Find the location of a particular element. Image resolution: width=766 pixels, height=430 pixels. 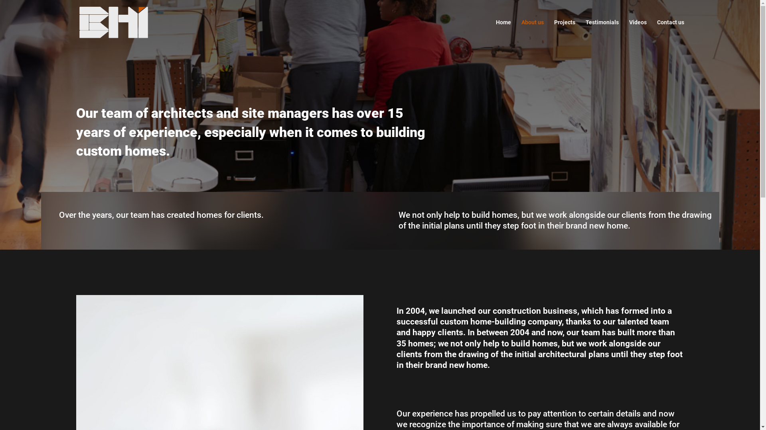

'Home' is located at coordinates (503, 31).